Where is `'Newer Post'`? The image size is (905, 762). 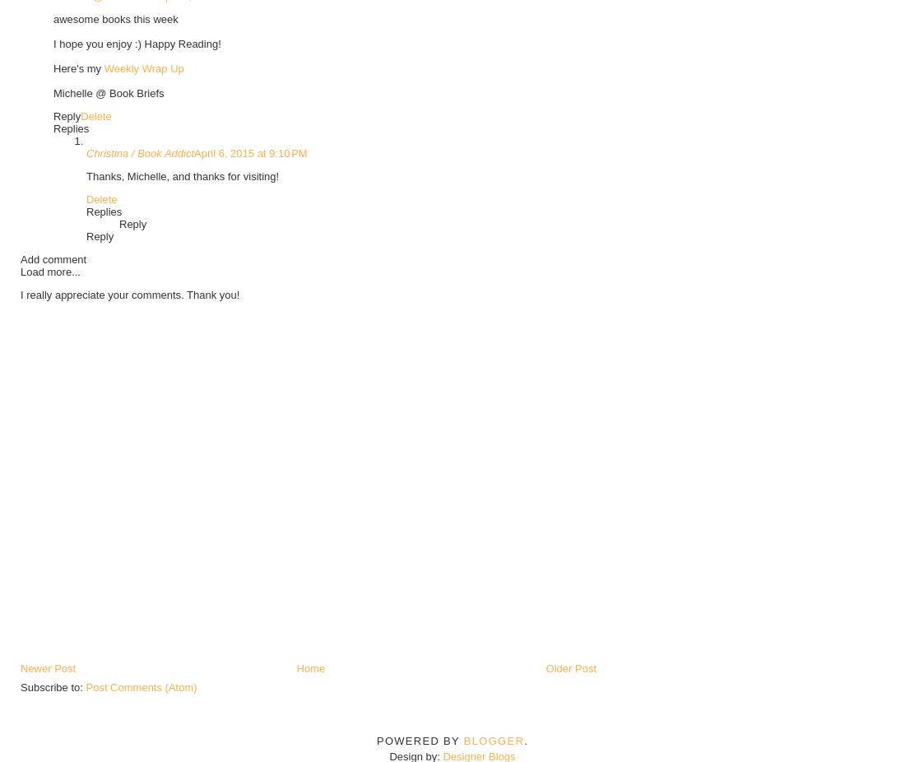
'Newer Post' is located at coordinates (19, 667).